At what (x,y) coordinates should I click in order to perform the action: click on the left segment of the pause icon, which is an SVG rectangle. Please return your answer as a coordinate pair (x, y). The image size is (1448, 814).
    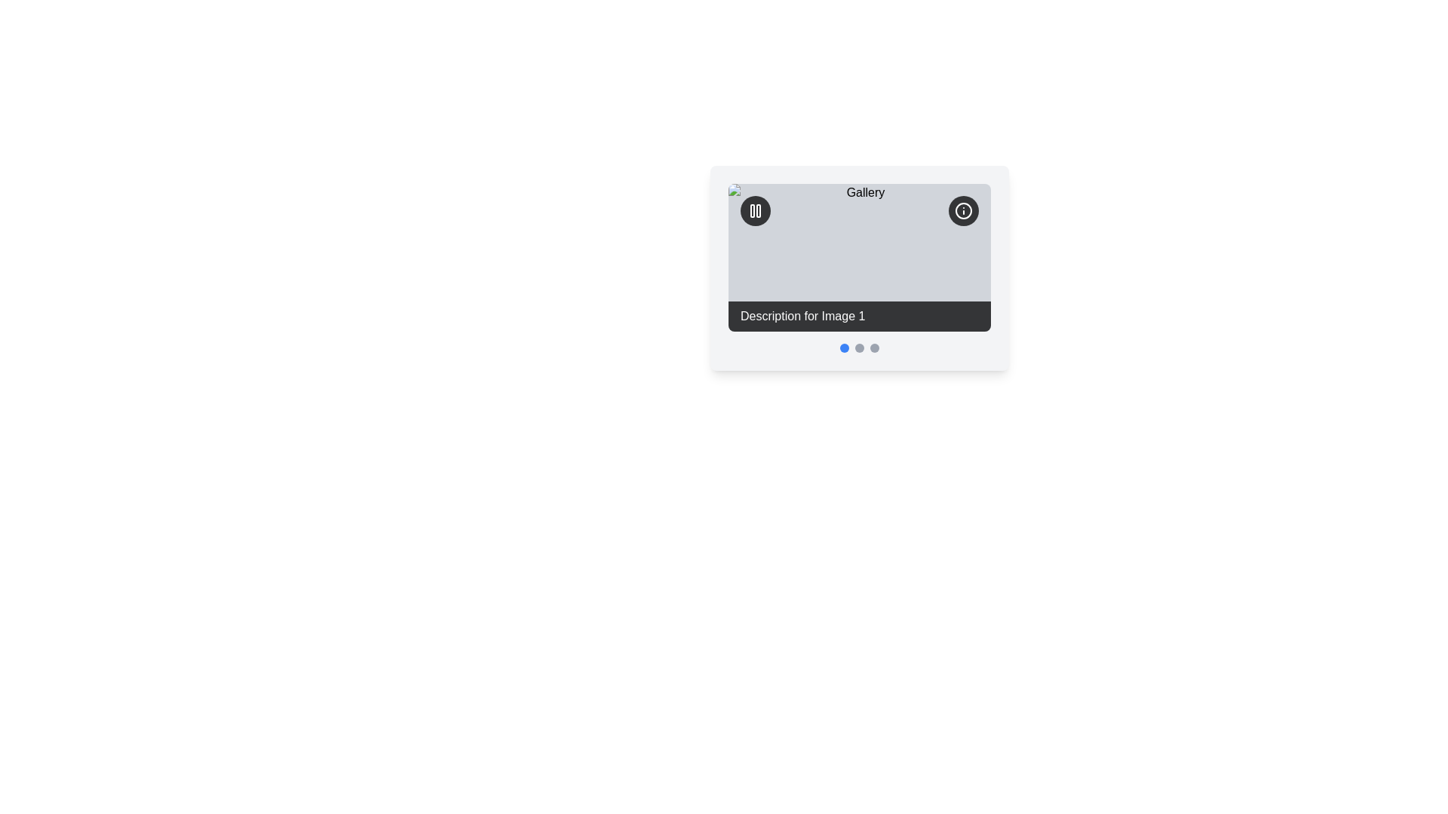
    Looking at the image, I should click on (753, 211).